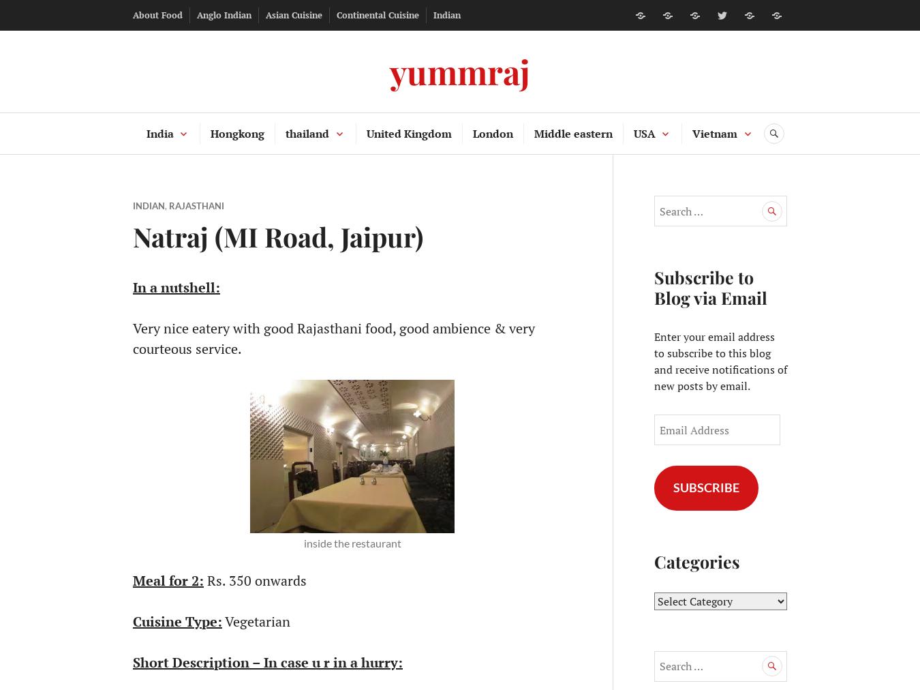  Describe the element at coordinates (720, 360) in the screenshot. I see `'Enter your email address to subscribe to this blog and receive notifications of new posts by email.'` at that location.